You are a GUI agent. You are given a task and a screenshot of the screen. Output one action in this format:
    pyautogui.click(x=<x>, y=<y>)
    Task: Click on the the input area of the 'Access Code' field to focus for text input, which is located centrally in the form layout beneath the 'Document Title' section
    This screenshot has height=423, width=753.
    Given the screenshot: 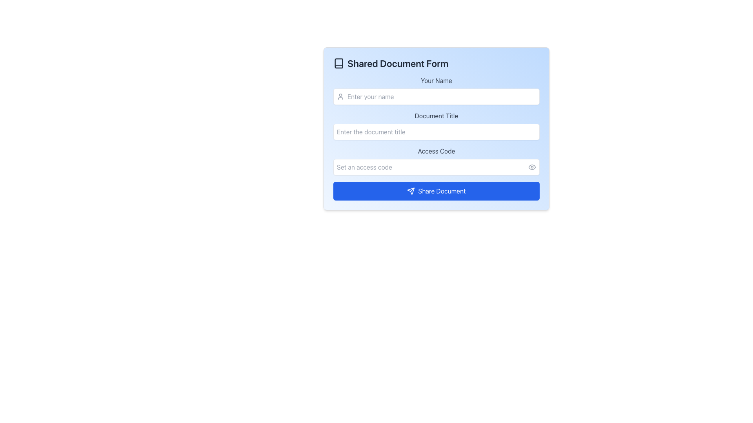 What is the action you would take?
    pyautogui.click(x=436, y=161)
    